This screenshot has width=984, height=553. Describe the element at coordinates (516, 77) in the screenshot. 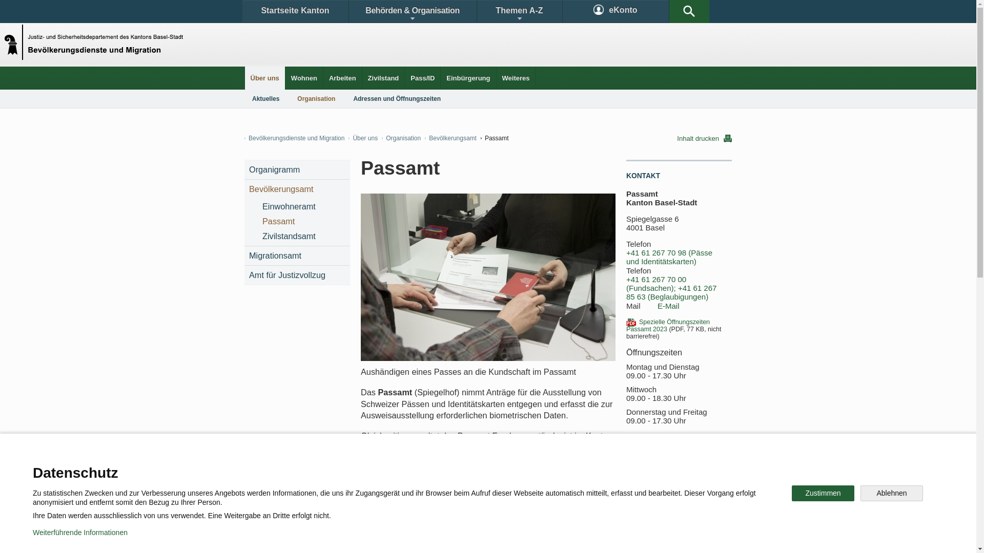

I see `'Weiteres'` at that location.